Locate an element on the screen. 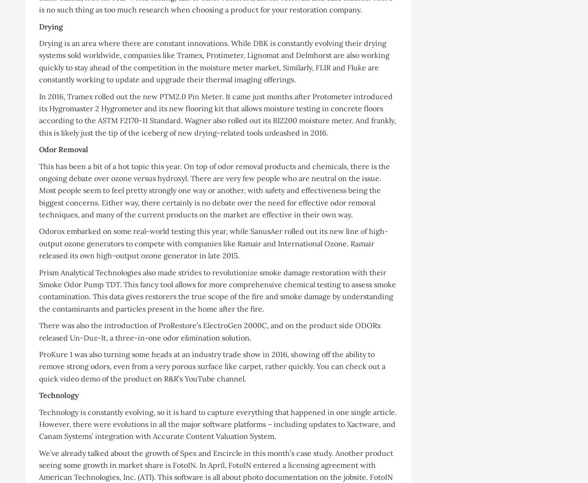 This screenshot has height=483, width=588. 'Technology is constantly evolving, so it is hard to capture everything that happened in one single article. However, there were evolutions in all the major software platforms – including updates to Xactware, and Canam Systems’ integration with Accurate Content Valuation System.' is located at coordinates (217, 424).